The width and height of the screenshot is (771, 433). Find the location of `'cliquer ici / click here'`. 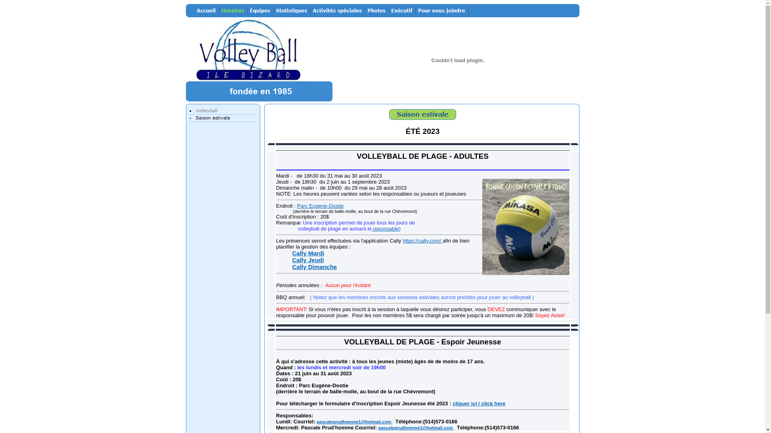

'cliquer ici / click here' is located at coordinates (479, 403).